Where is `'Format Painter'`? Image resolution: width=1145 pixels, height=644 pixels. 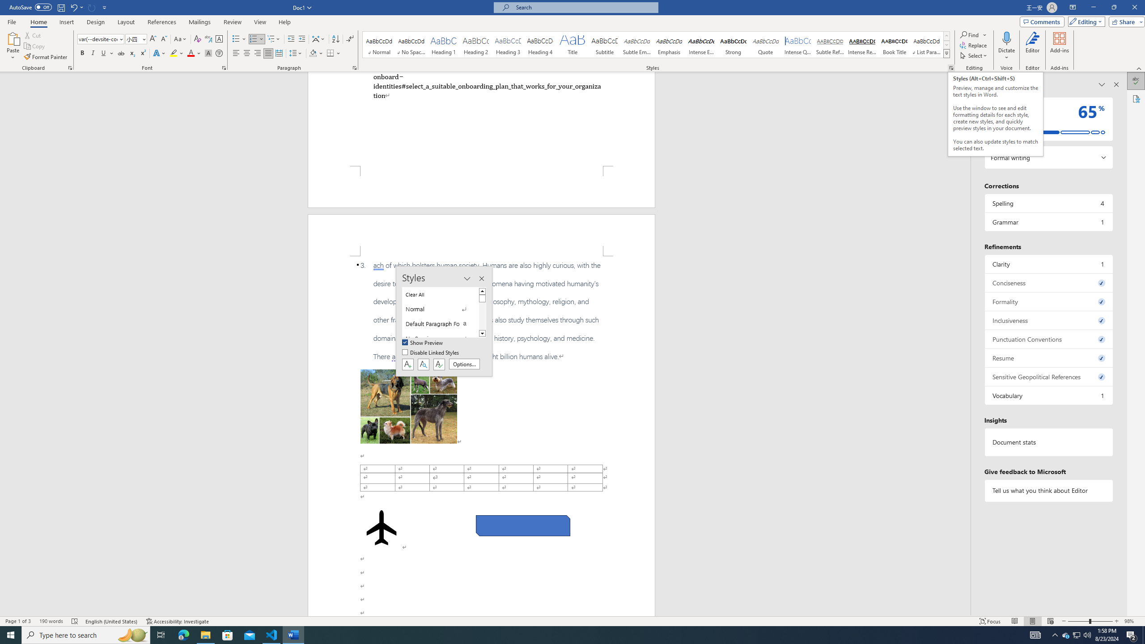
'Format Painter' is located at coordinates (46, 57).